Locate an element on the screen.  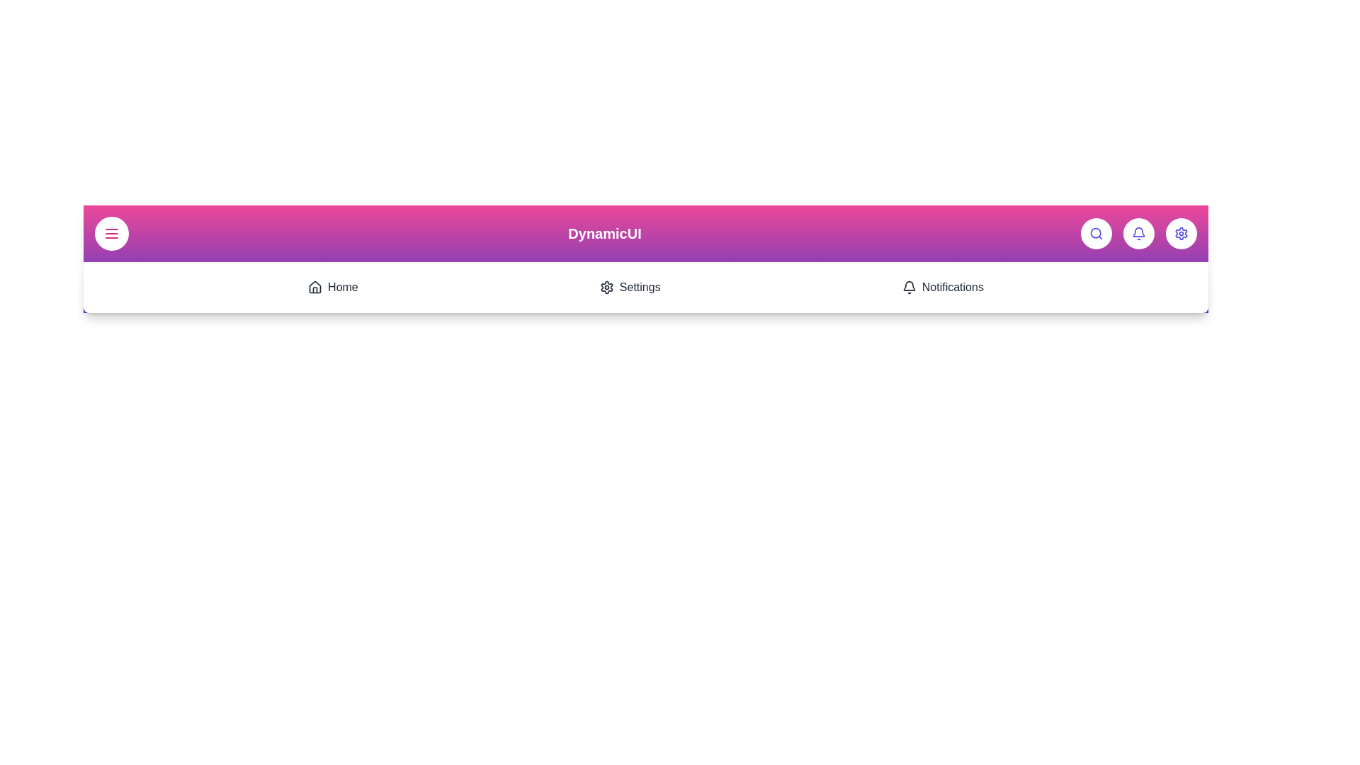
the 'Settings' button in the app bar is located at coordinates (1181, 233).